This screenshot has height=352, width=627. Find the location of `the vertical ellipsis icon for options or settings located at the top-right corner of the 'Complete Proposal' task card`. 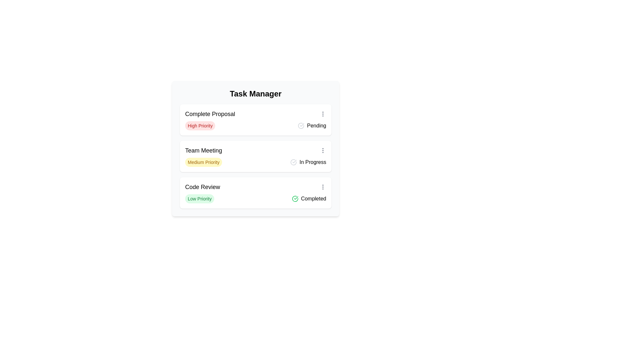

the vertical ellipsis icon for options or settings located at the top-right corner of the 'Complete Proposal' task card is located at coordinates (323, 114).